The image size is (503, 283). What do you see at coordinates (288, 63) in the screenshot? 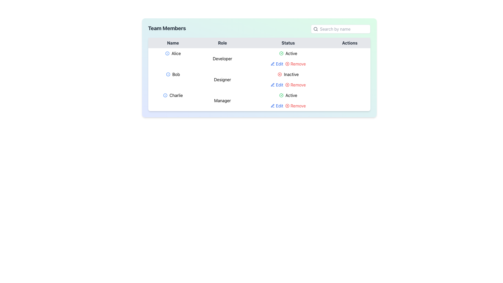
I see `the 'Remove' link, which is part of the actions for user 'Alice' in the table` at bounding box center [288, 63].